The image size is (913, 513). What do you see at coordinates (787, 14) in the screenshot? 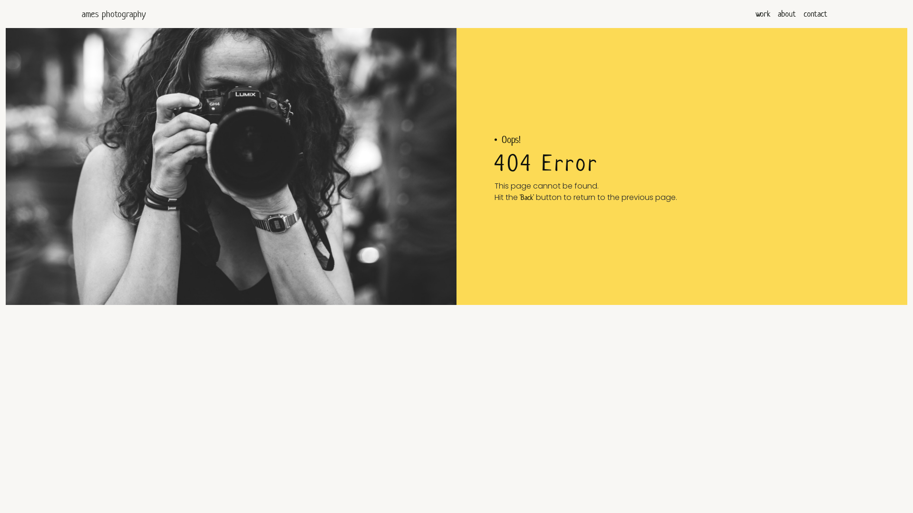
I see `'about'` at bounding box center [787, 14].